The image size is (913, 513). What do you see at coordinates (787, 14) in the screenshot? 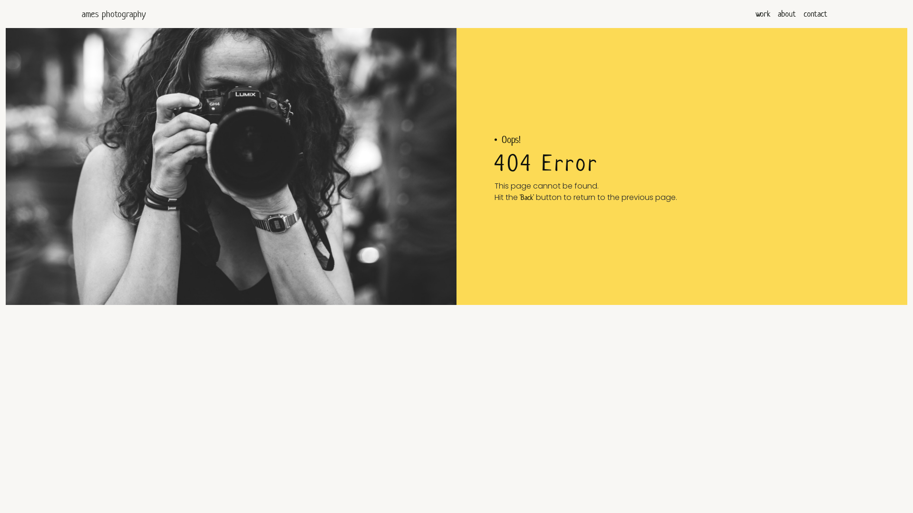
I see `'about'` at bounding box center [787, 14].